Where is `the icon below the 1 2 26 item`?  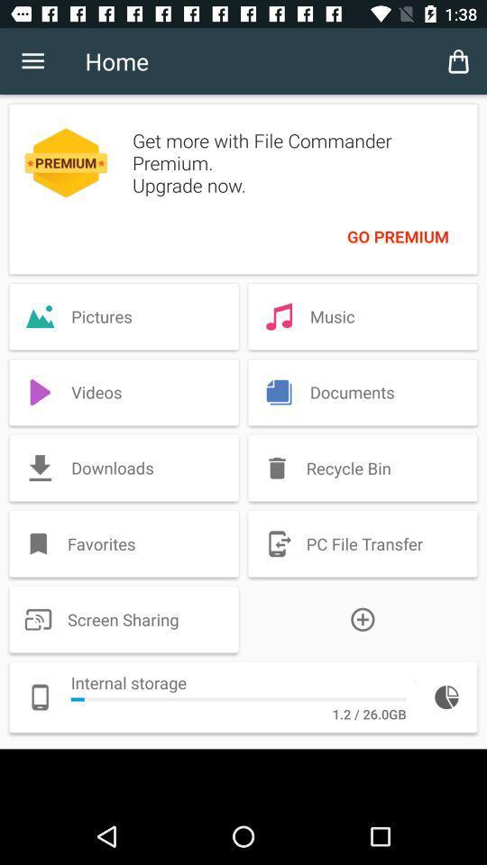 the icon below the 1 2 26 item is located at coordinates (243, 778).